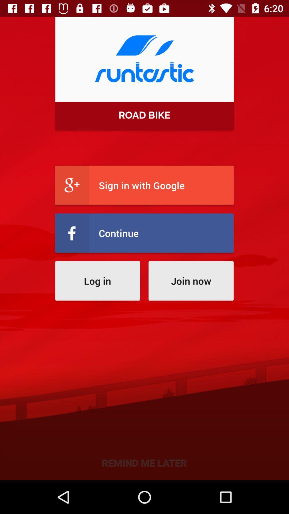  What do you see at coordinates (144, 233) in the screenshot?
I see `continue` at bounding box center [144, 233].